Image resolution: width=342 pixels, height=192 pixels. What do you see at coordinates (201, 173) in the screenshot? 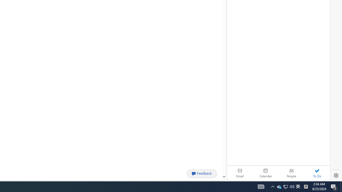
I see `'Feedback'` at bounding box center [201, 173].